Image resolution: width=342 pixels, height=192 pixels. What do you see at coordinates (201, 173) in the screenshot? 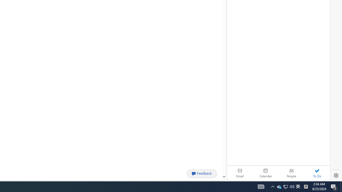
I see `'Feedback'` at bounding box center [201, 173].